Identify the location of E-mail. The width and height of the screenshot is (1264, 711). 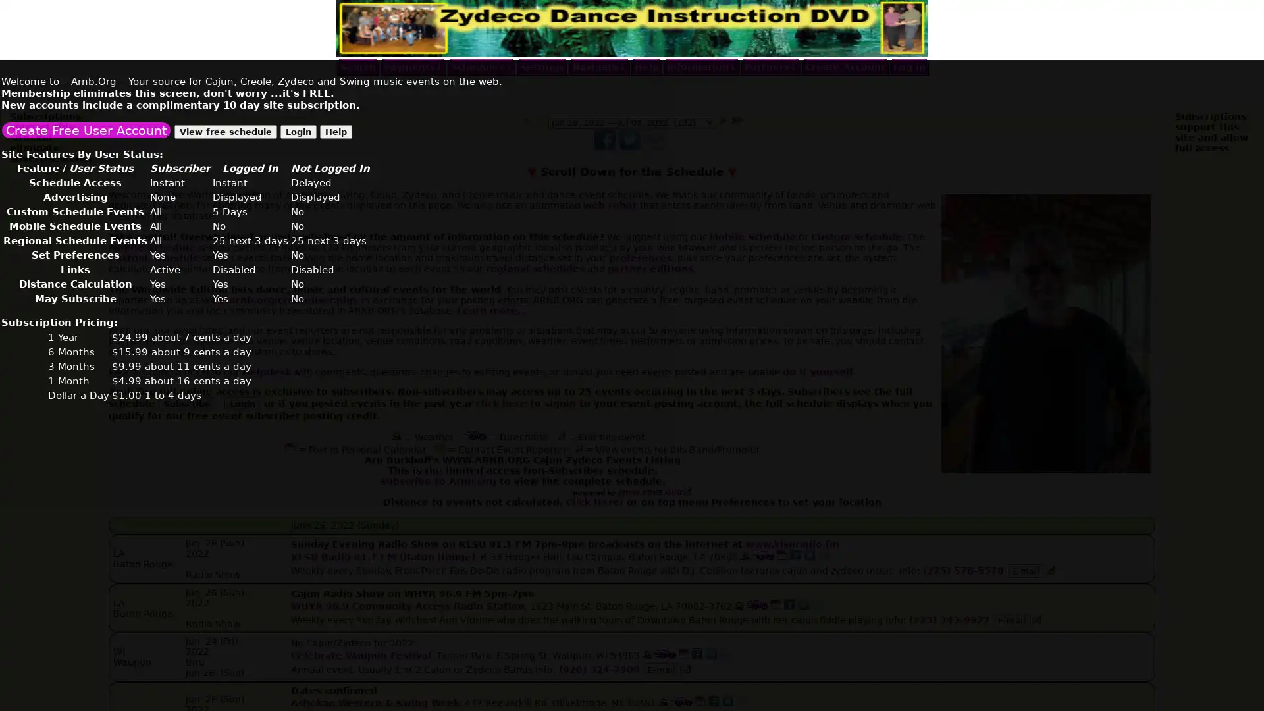
(1025, 570).